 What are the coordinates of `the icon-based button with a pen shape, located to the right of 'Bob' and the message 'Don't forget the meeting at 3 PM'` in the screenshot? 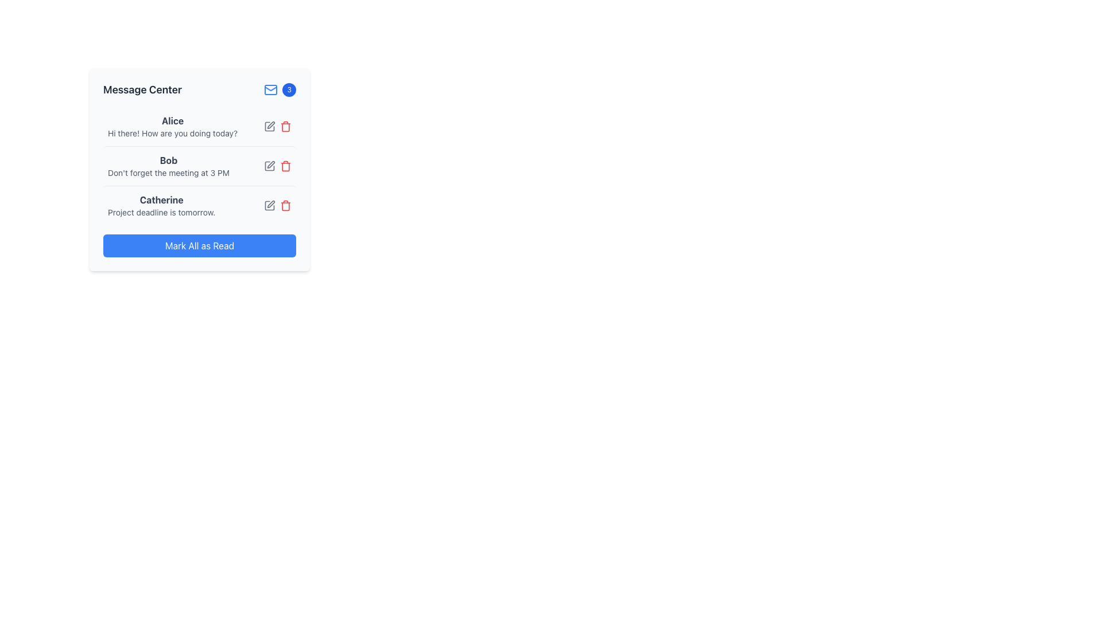 It's located at (269, 166).